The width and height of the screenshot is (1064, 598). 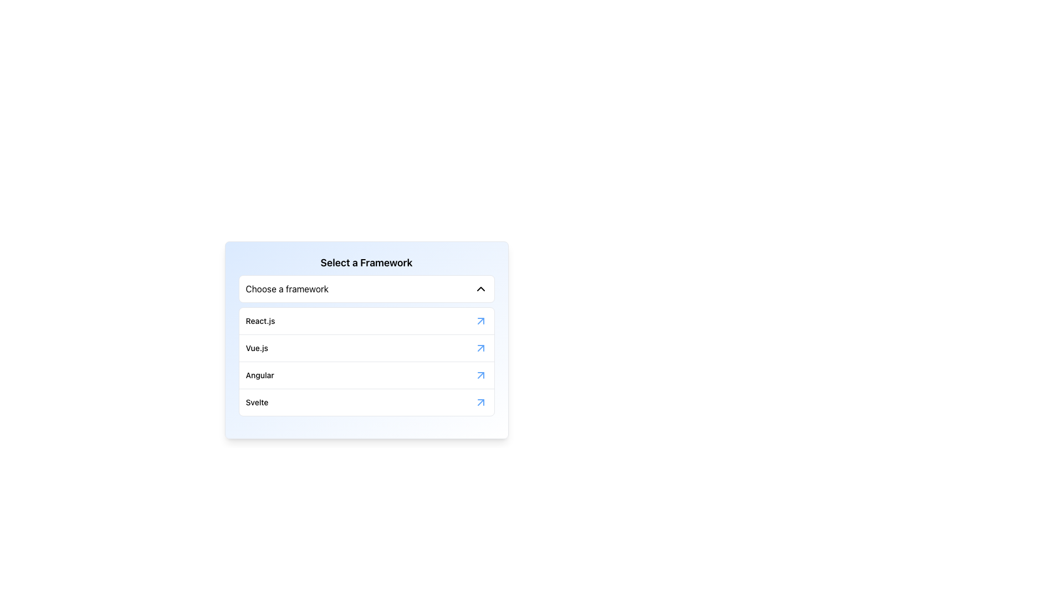 I want to click on the second option in the 'Choose a framework' dropdown menu, so click(x=366, y=345).